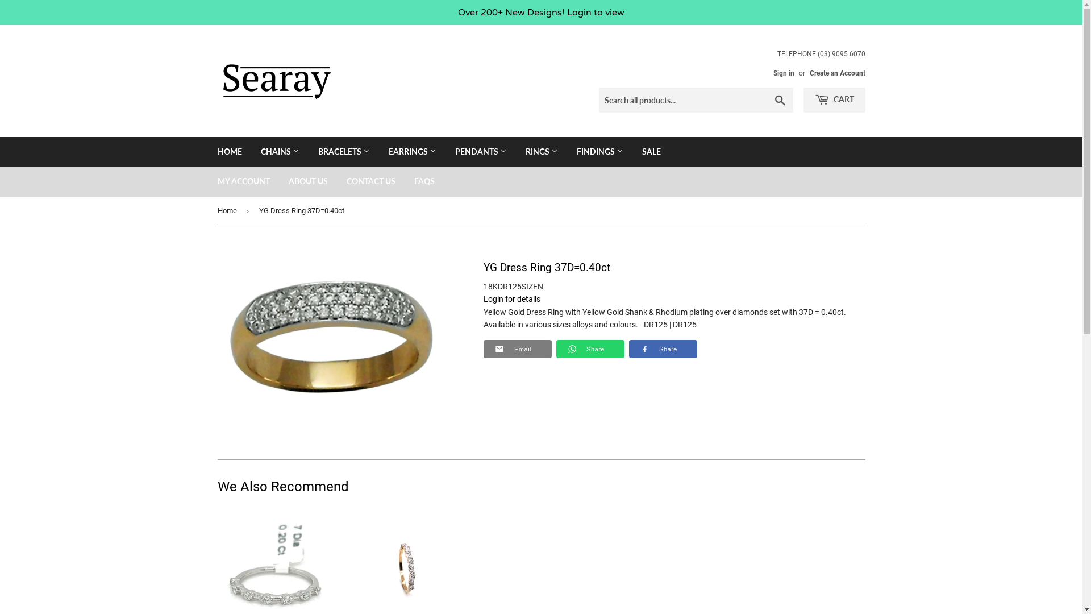  What do you see at coordinates (229, 151) in the screenshot?
I see `'HOME'` at bounding box center [229, 151].